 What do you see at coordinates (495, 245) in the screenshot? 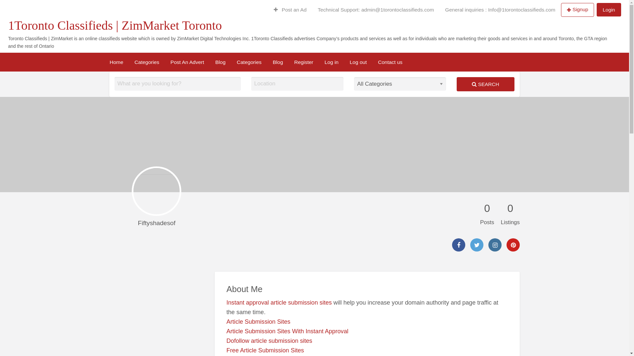
I see `'Instagram'` at bounding box center [495, 245].